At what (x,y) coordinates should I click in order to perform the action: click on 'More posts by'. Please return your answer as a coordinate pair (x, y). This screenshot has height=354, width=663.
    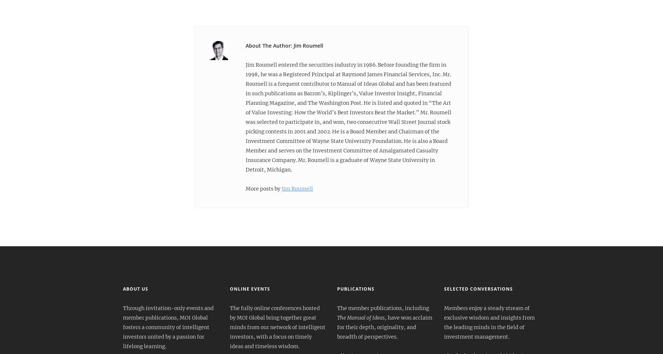
    Looking at the image, I should click on (263, 188).